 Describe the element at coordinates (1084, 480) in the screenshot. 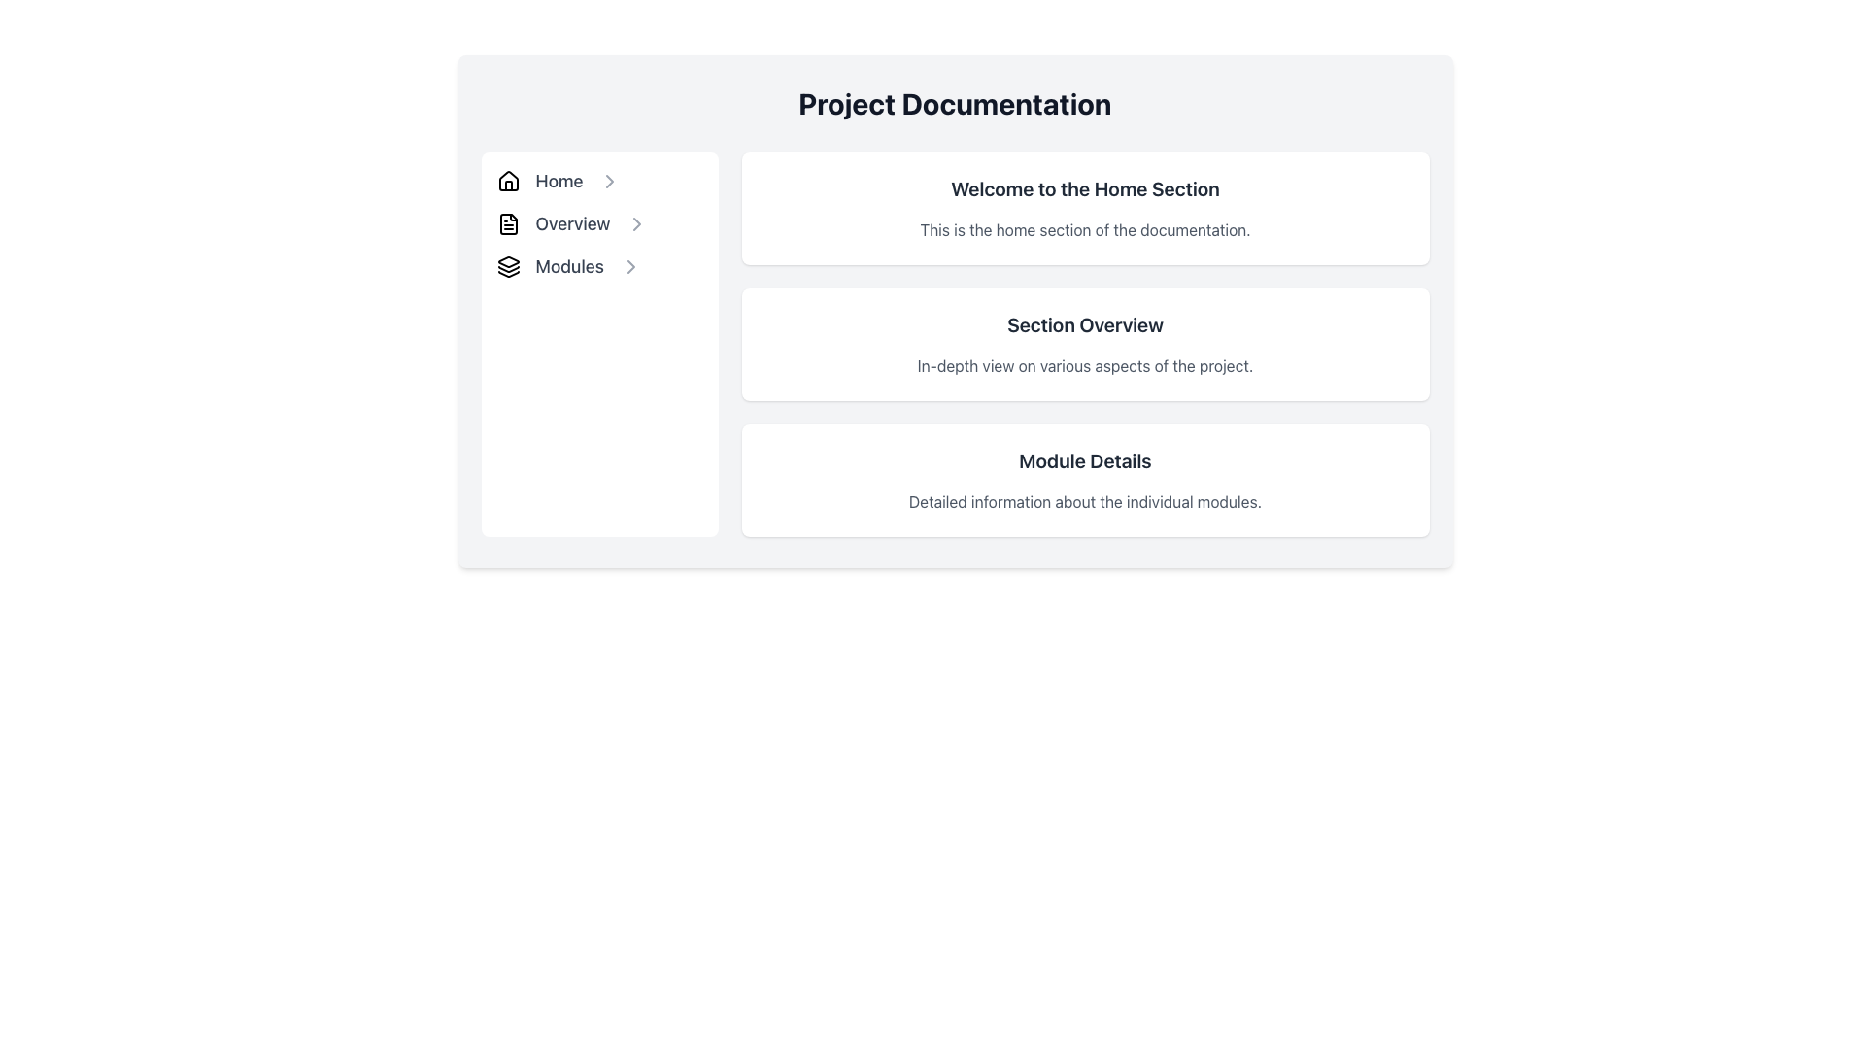

I see `the informational block located in the main content area, which is the third section below 'Section Overview' and above the footer, and is horizontally centered` at that location.